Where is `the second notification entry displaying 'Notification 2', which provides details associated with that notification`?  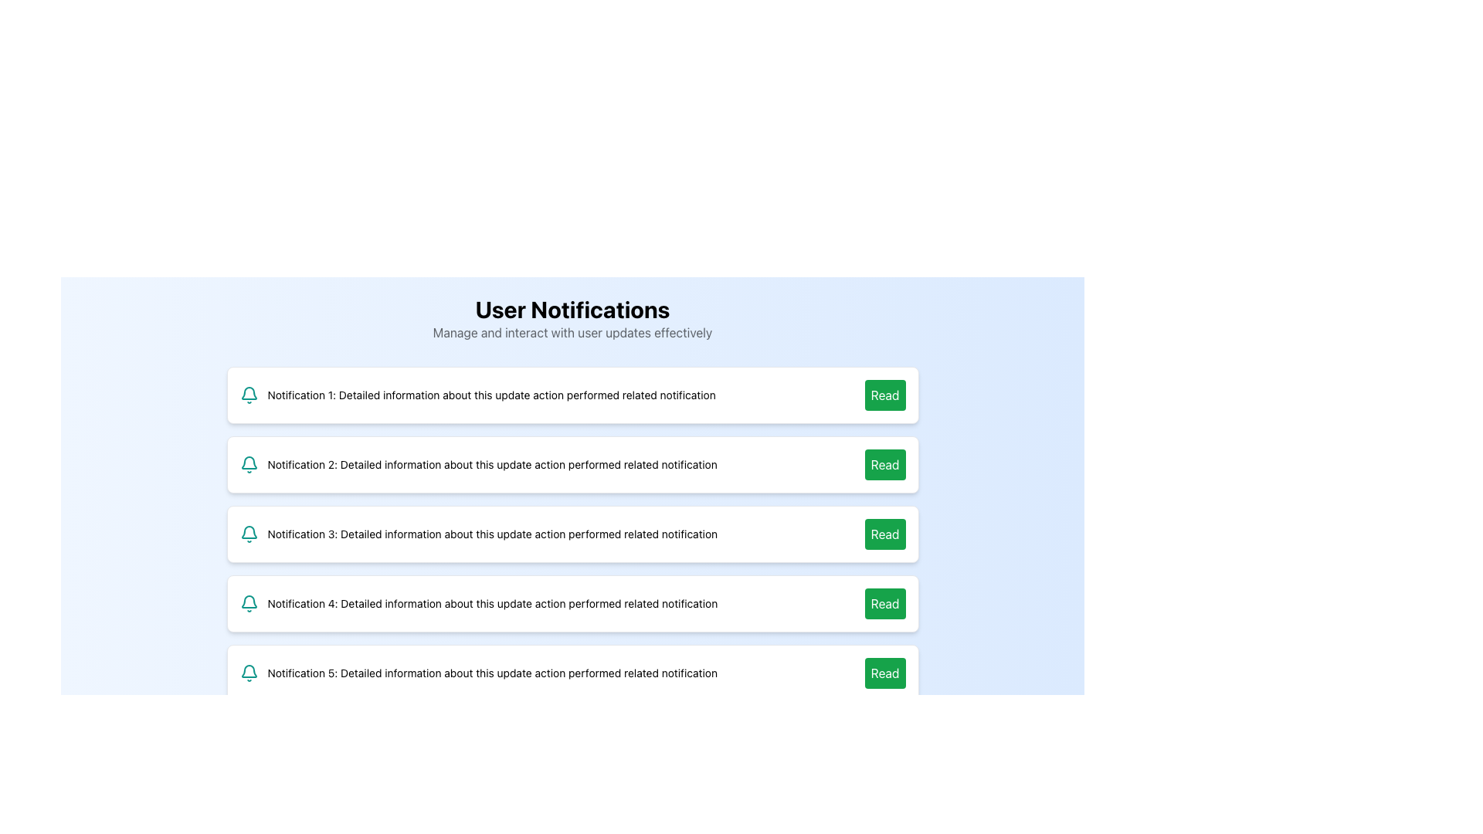 the second notification entry displaying 'Notification 2', which provides details associated with that notification is located at coordinates (491, 463).